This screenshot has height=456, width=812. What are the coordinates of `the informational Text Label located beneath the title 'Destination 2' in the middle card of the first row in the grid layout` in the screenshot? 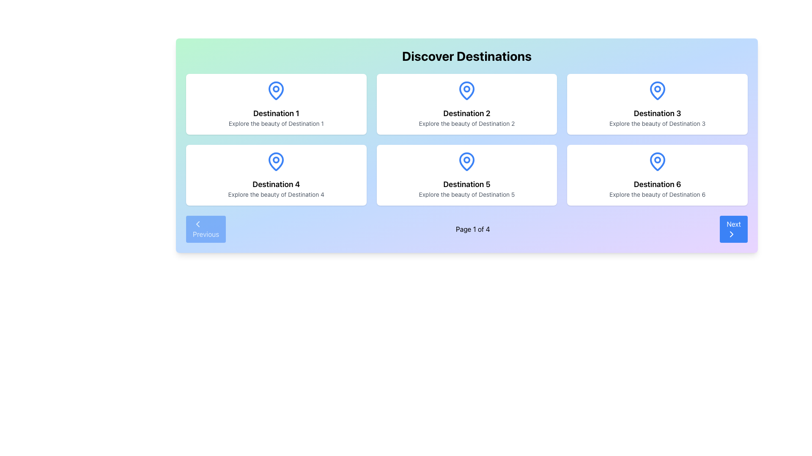 It's located at (466, 124).